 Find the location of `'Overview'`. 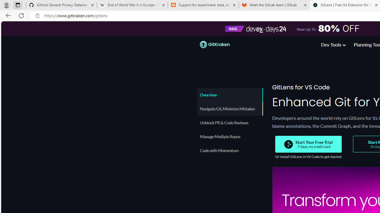

'Overview' is located at coordinates (229, 94).